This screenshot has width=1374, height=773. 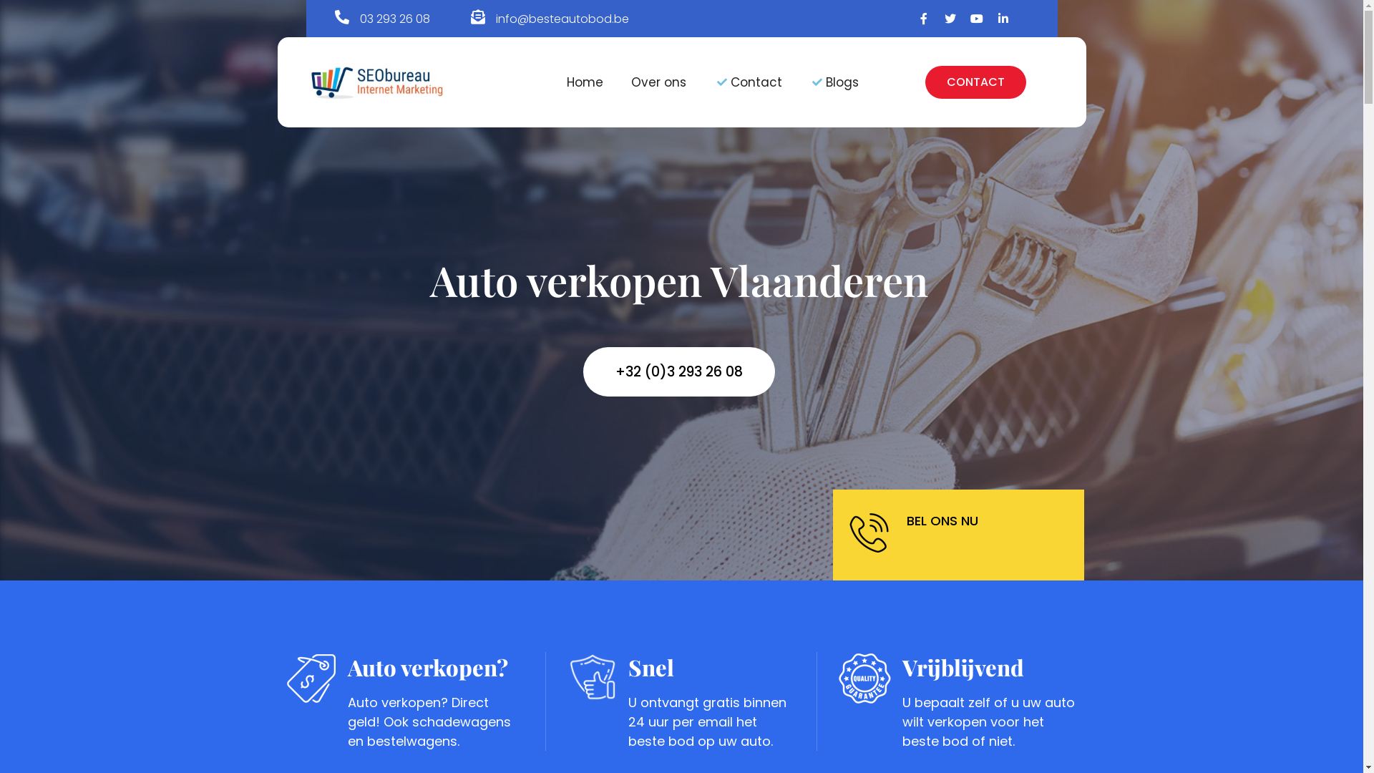 I want to click on 'Contact', so click(x=714, y=82).